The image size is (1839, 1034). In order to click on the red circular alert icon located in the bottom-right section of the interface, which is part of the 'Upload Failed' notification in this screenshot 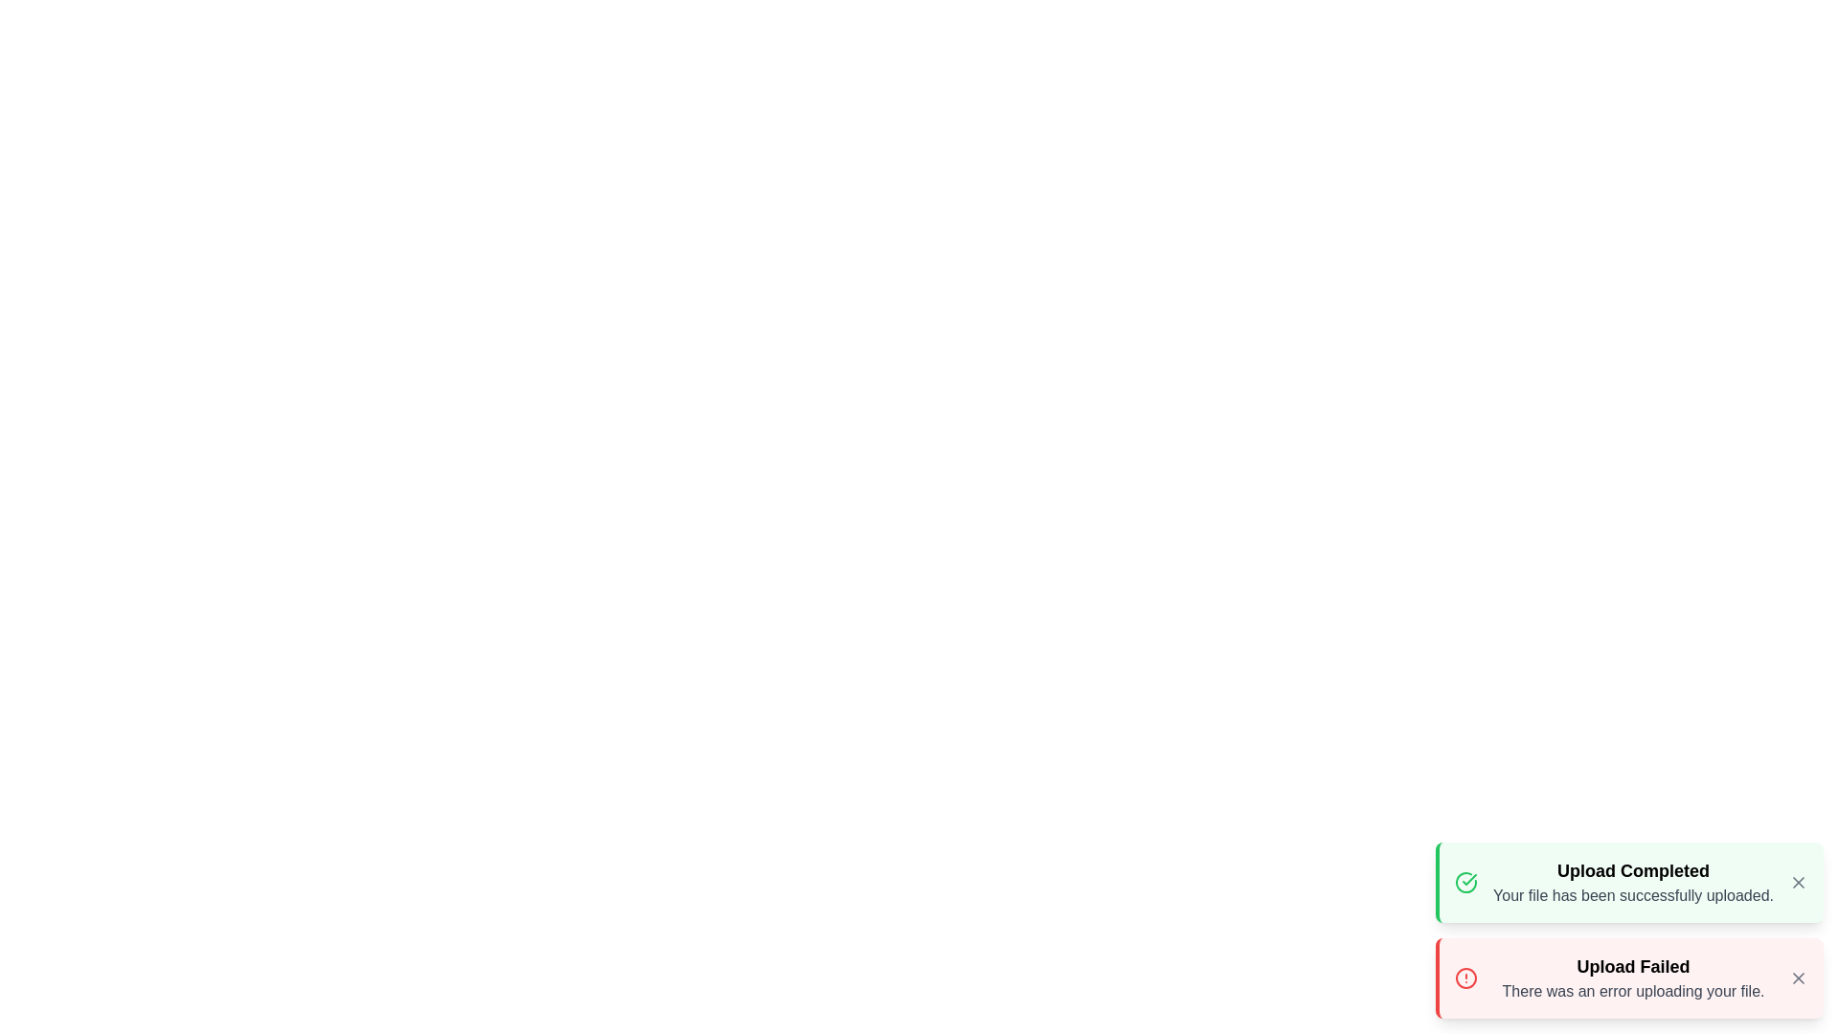, I will do `click(1465, 978)`.